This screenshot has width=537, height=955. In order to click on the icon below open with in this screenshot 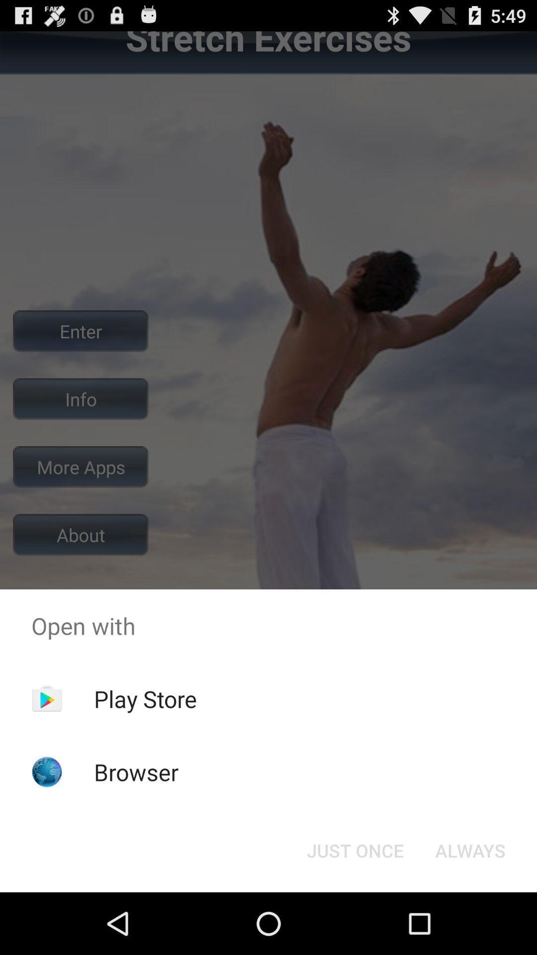, I will do `click(145, 698)`.